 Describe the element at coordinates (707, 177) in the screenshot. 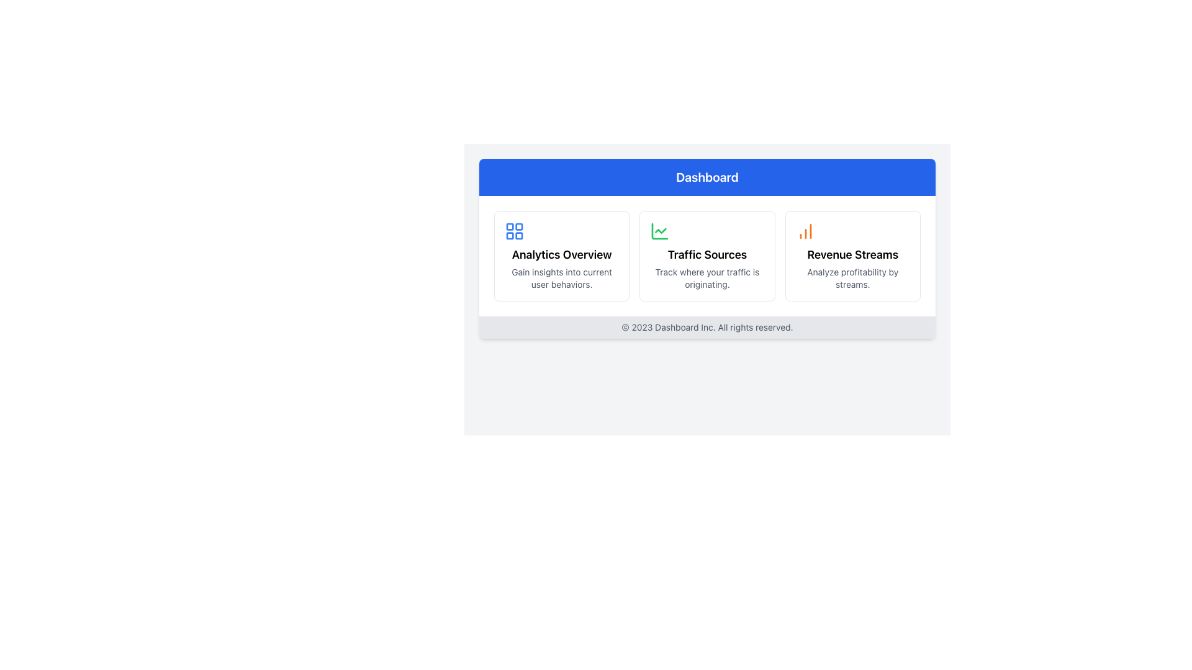

I see `the centrally placed Text label in the header bar, which indicates the current section or purpose of the interface` at that location.